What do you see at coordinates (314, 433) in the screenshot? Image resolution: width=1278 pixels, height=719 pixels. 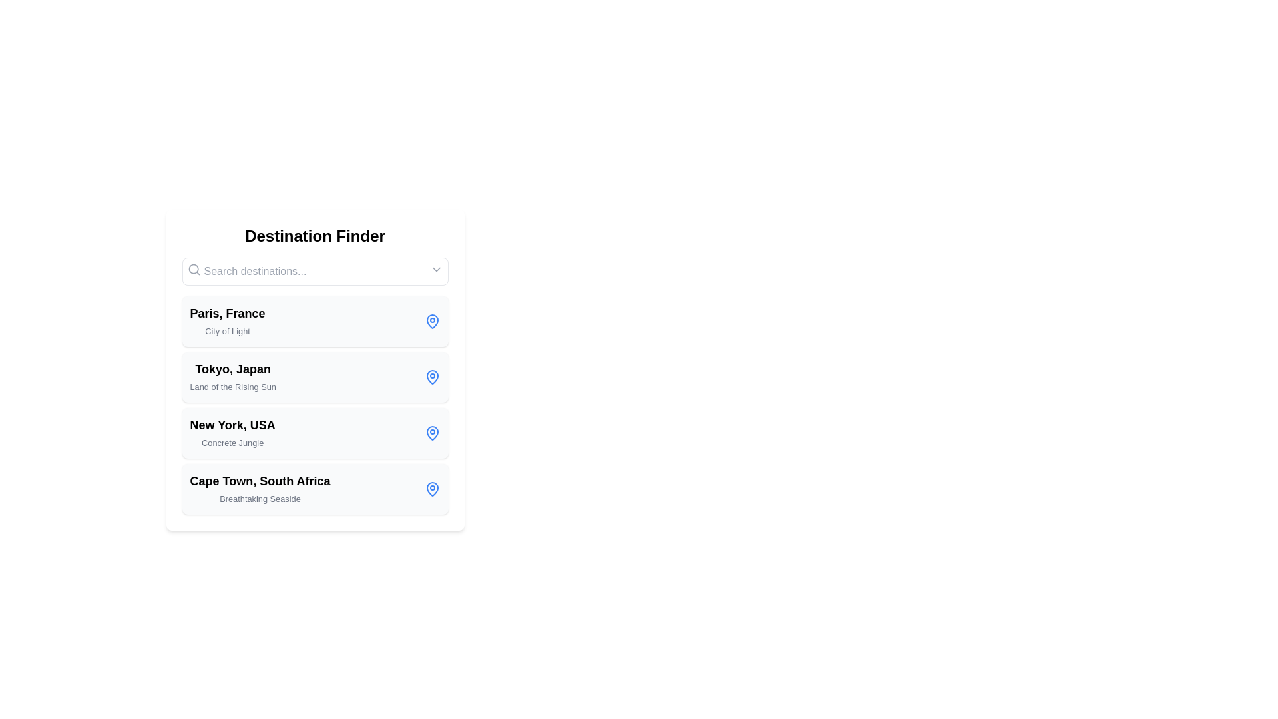 I see `the List item card representing the destination 'New York, USA', which includes the subtitle 'Concrete Jungle'. This card is the third item in a vertical list of cards` at bounding box center [314, 433].